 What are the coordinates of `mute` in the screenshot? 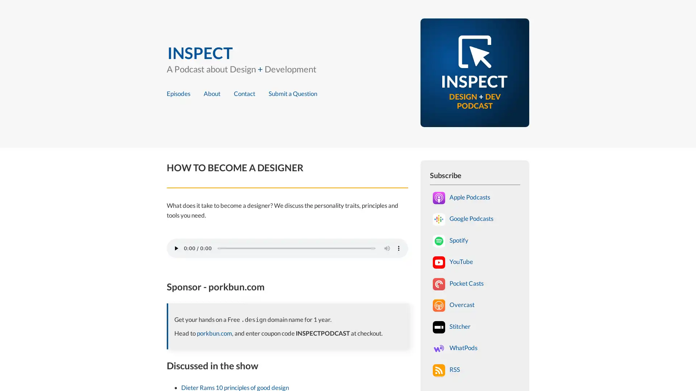 It's located at (387, 248).